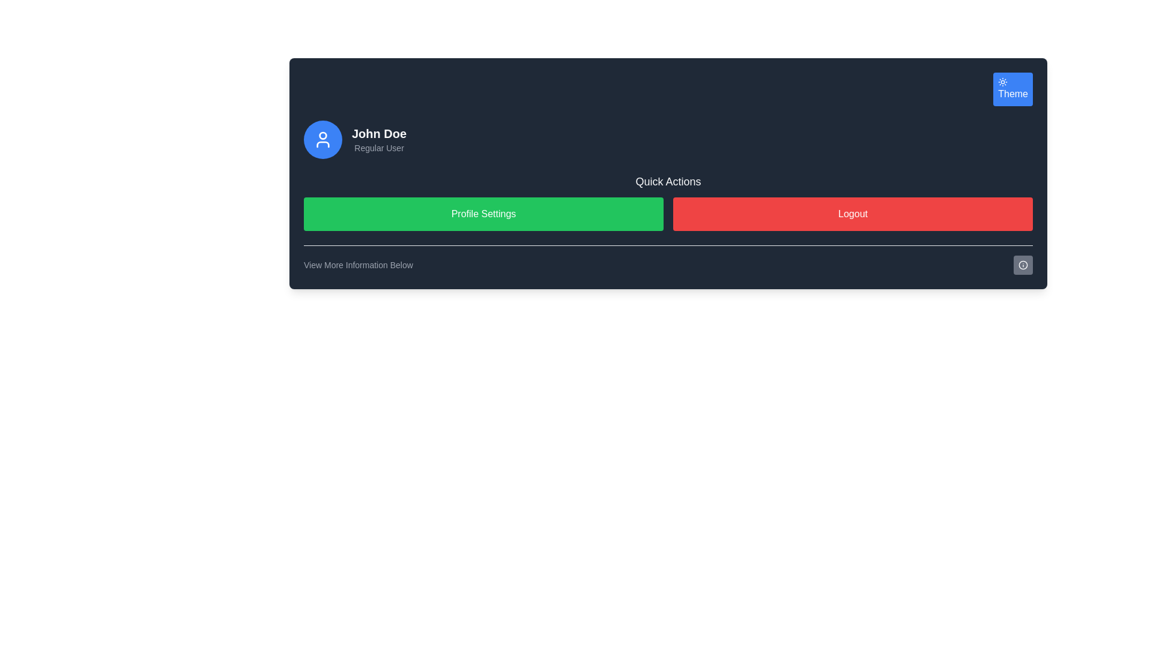  I want to click on the text display label that shows the name 'John Doe', which is styled in large bold font and positioned next to a blue avatar icon, so click(378, 134).